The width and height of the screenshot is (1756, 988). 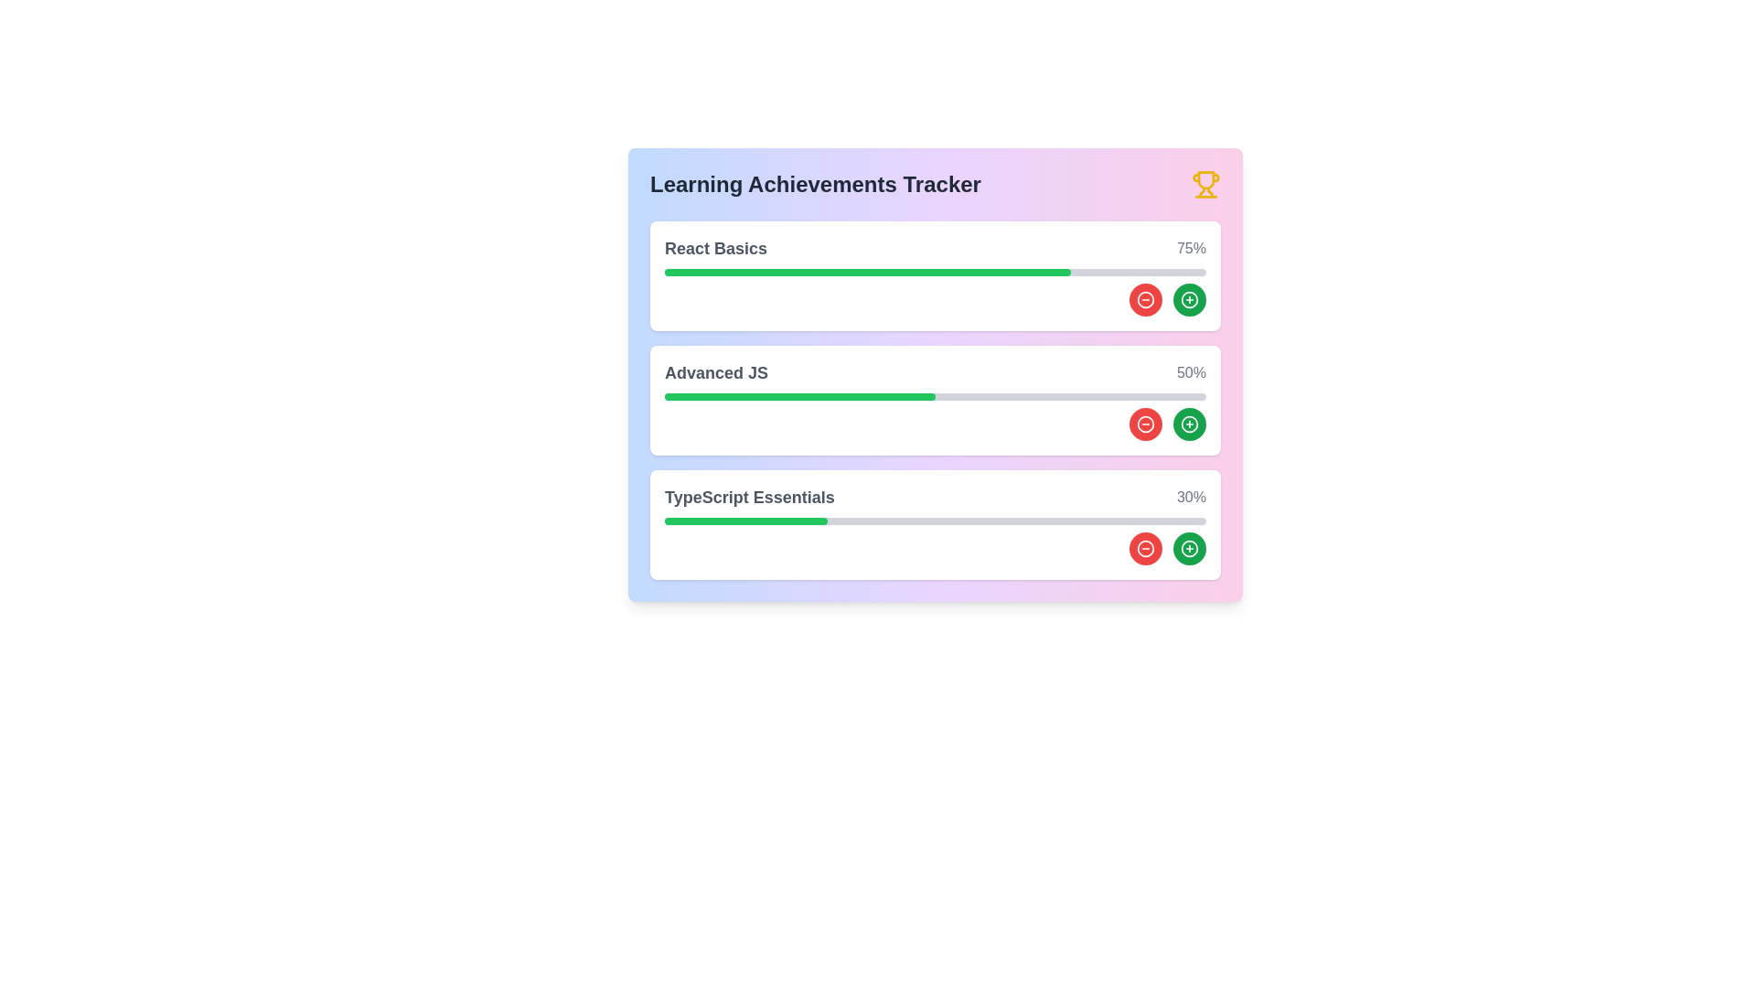 I want to click on the second button in the Advanced JS progress module, positioned to the right of the red circular button with a minus icon, to increment the associated progress, so click(x=1189, y=424).